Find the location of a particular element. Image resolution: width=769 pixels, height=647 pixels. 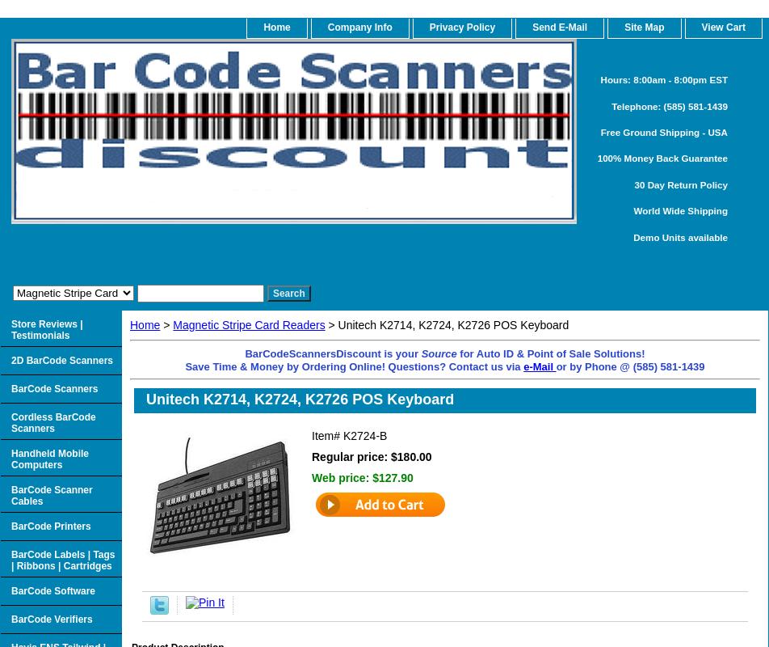

'Send e-Mail' is located at coordinates (532, 27).